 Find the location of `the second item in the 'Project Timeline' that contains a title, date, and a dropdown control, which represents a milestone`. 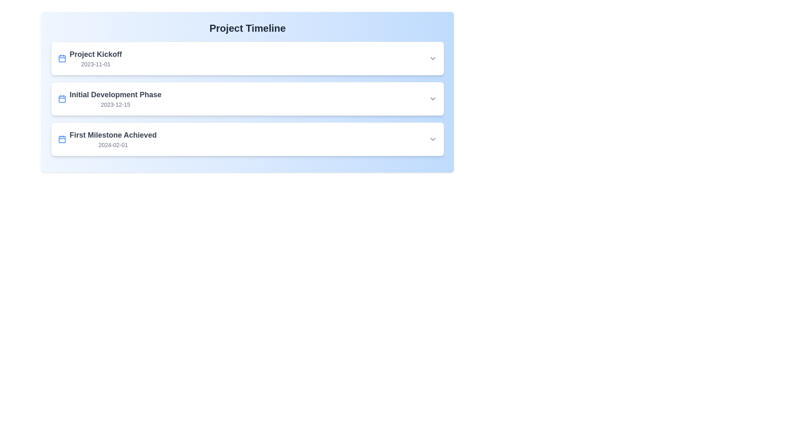

the second item in the 'Project Timeline' that contains a title, date, and a dropdown control, which represents a milestone is located at coordinates (247, 98).